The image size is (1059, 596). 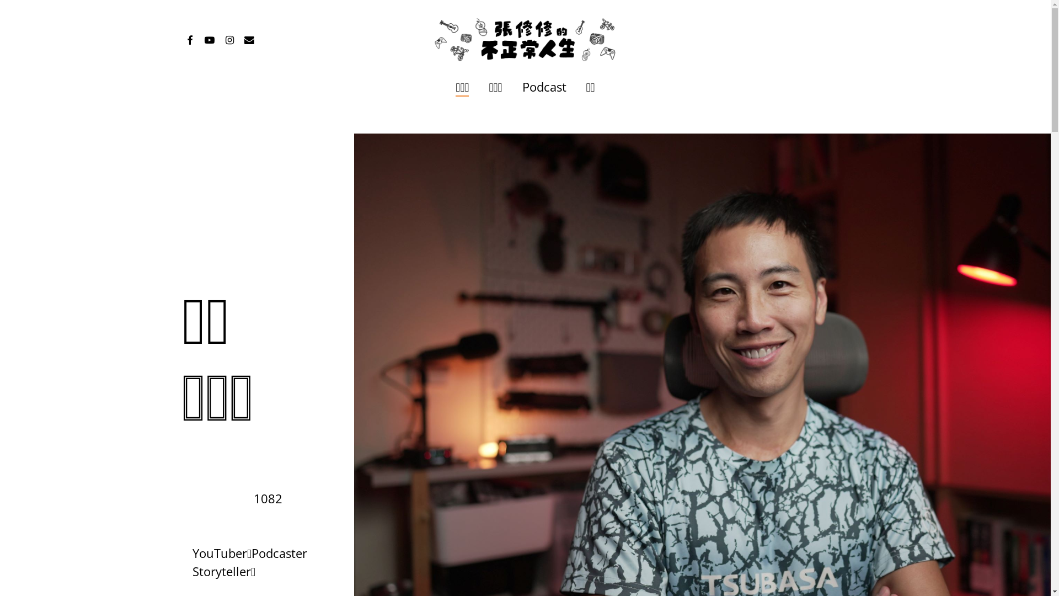 What do you see at coordinates (209, 38) in the screenshot?
I see `'youtube'` at bounding box center [209, 38].